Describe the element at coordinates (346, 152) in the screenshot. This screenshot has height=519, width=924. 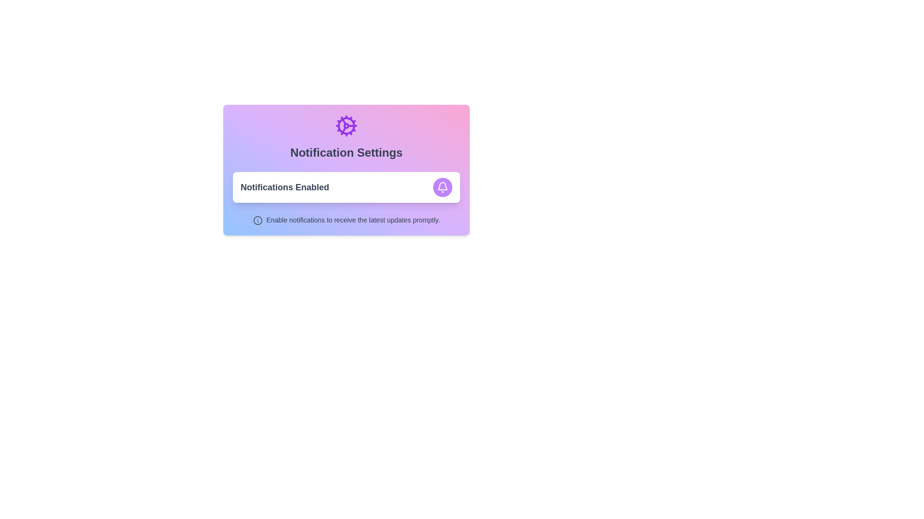
I see `the notifications header text label, which is centrally aligned below a gear icon and above the 'Notifications Enabled' section` at that location.